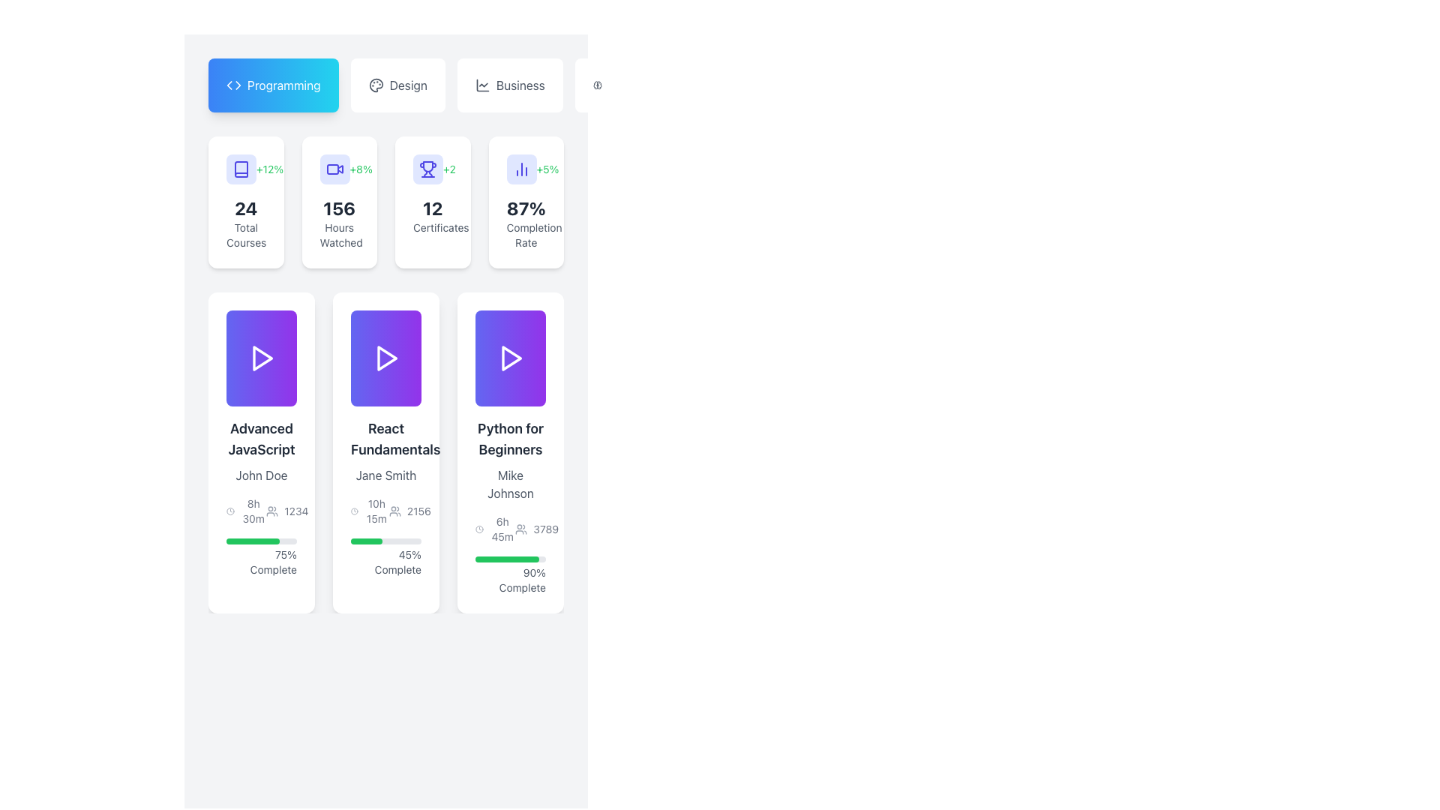 This screenshot has width=1440, height=810. Describe the element at coordinates (246, 511) in the screenshot. I see `the static text element with a clock icon displaying '8h 30m', located in the 'Advanced JavaScript' card, above the completion progress bar` at that location.